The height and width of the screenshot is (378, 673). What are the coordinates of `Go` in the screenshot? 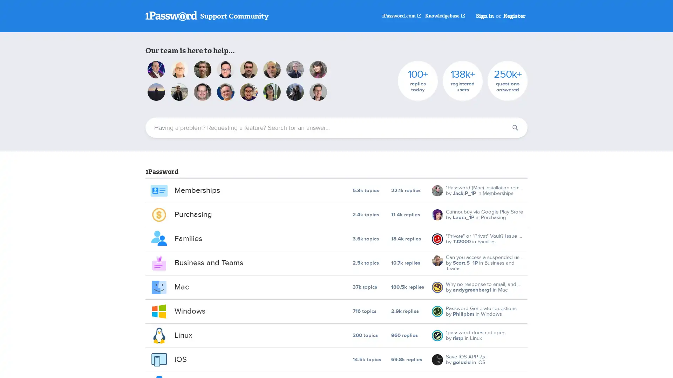 It's located at (515, 128).